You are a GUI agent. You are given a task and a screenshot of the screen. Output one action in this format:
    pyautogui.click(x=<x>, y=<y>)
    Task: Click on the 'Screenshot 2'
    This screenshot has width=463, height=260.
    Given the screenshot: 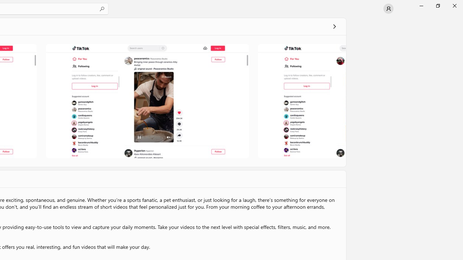 What is the action you would take?
    pyautogui.click(x=147, y=101)
    